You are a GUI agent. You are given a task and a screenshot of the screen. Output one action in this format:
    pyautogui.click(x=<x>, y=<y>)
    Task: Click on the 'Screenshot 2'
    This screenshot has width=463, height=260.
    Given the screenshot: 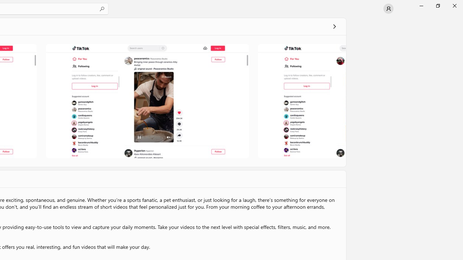 What is the action you would take?
    pyautogui.click(x=147, y=101)
    